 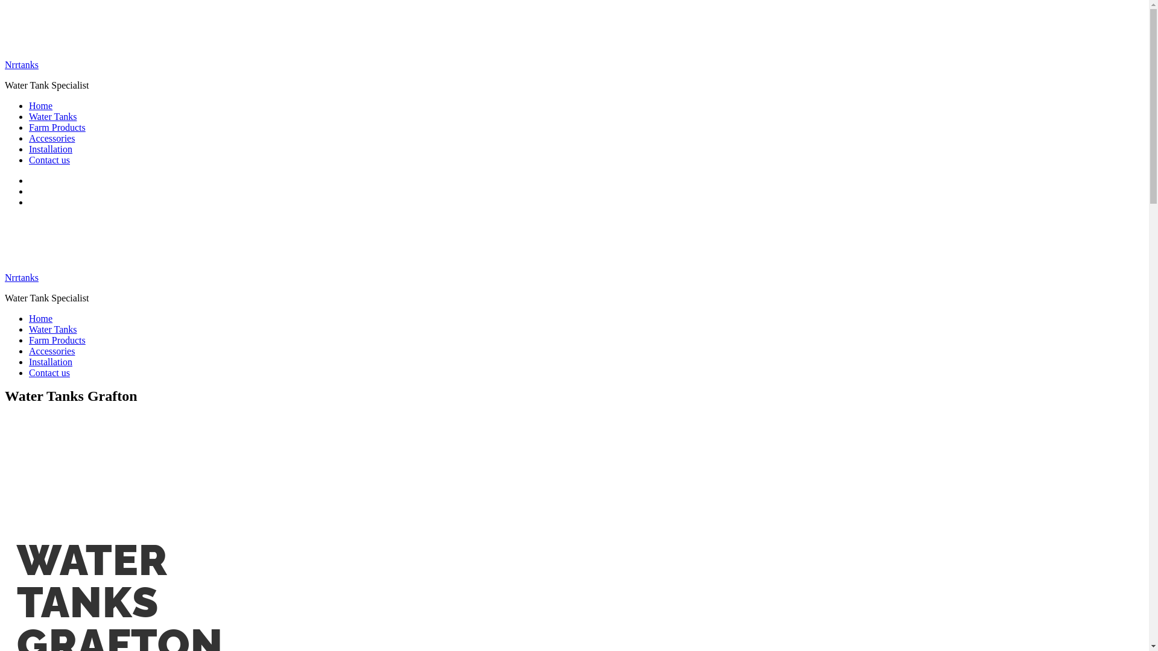 I want to click on 'Farm Products', so click(x=57, y=127).